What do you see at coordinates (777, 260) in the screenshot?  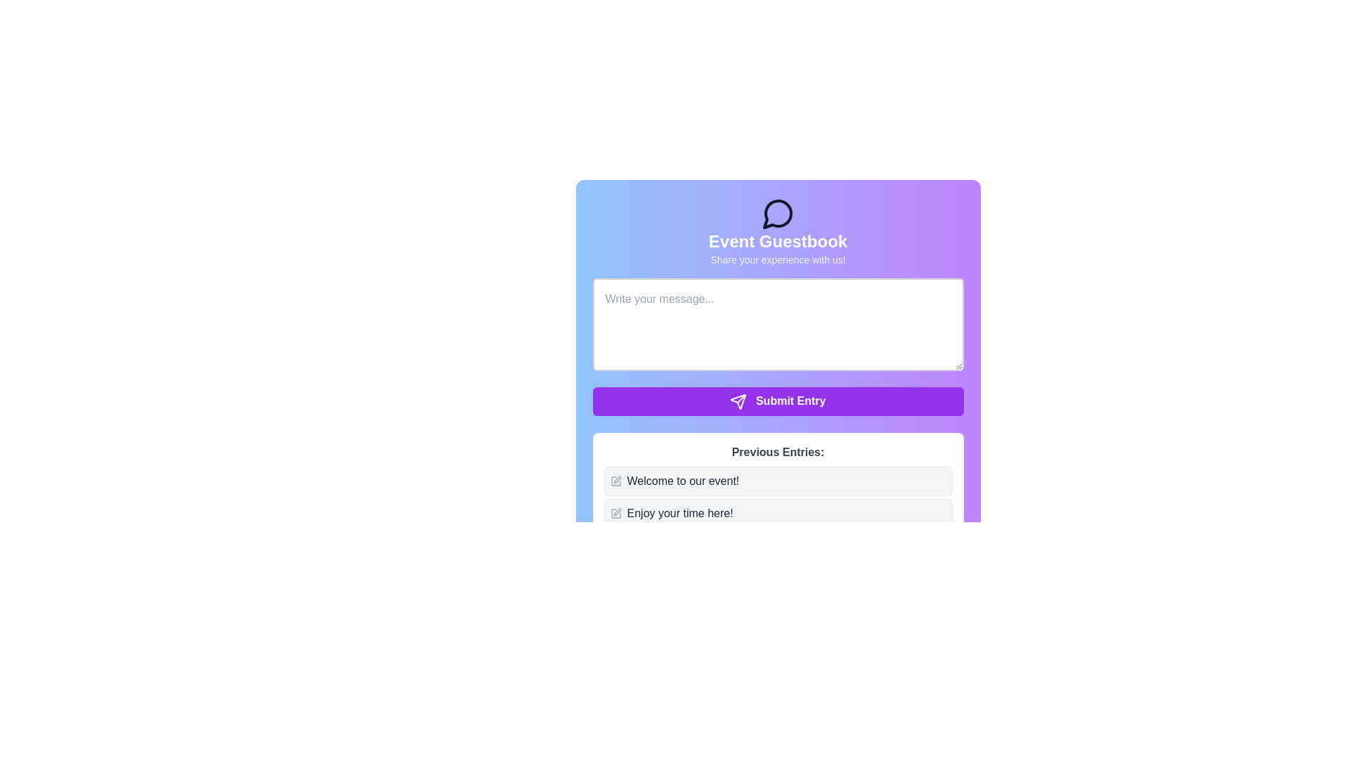 I see `the static text label encouraging users to share their experiences, located below the title 'Event Guestbook' and above the input text box` at bounding box center [777, 260].